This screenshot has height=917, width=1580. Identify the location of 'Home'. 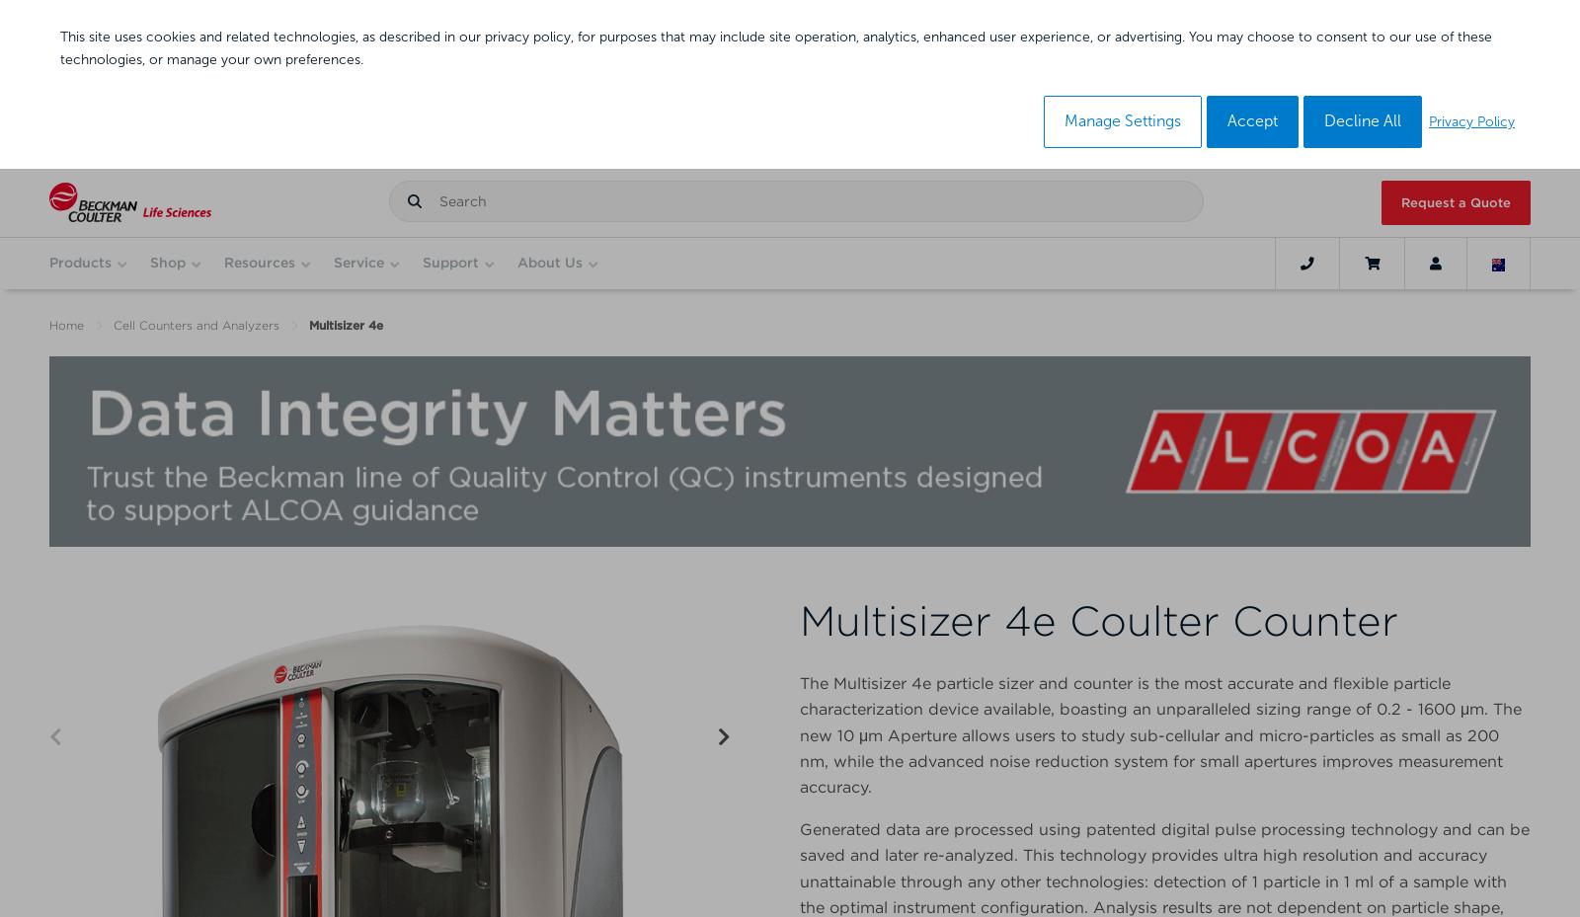
(65, 325).